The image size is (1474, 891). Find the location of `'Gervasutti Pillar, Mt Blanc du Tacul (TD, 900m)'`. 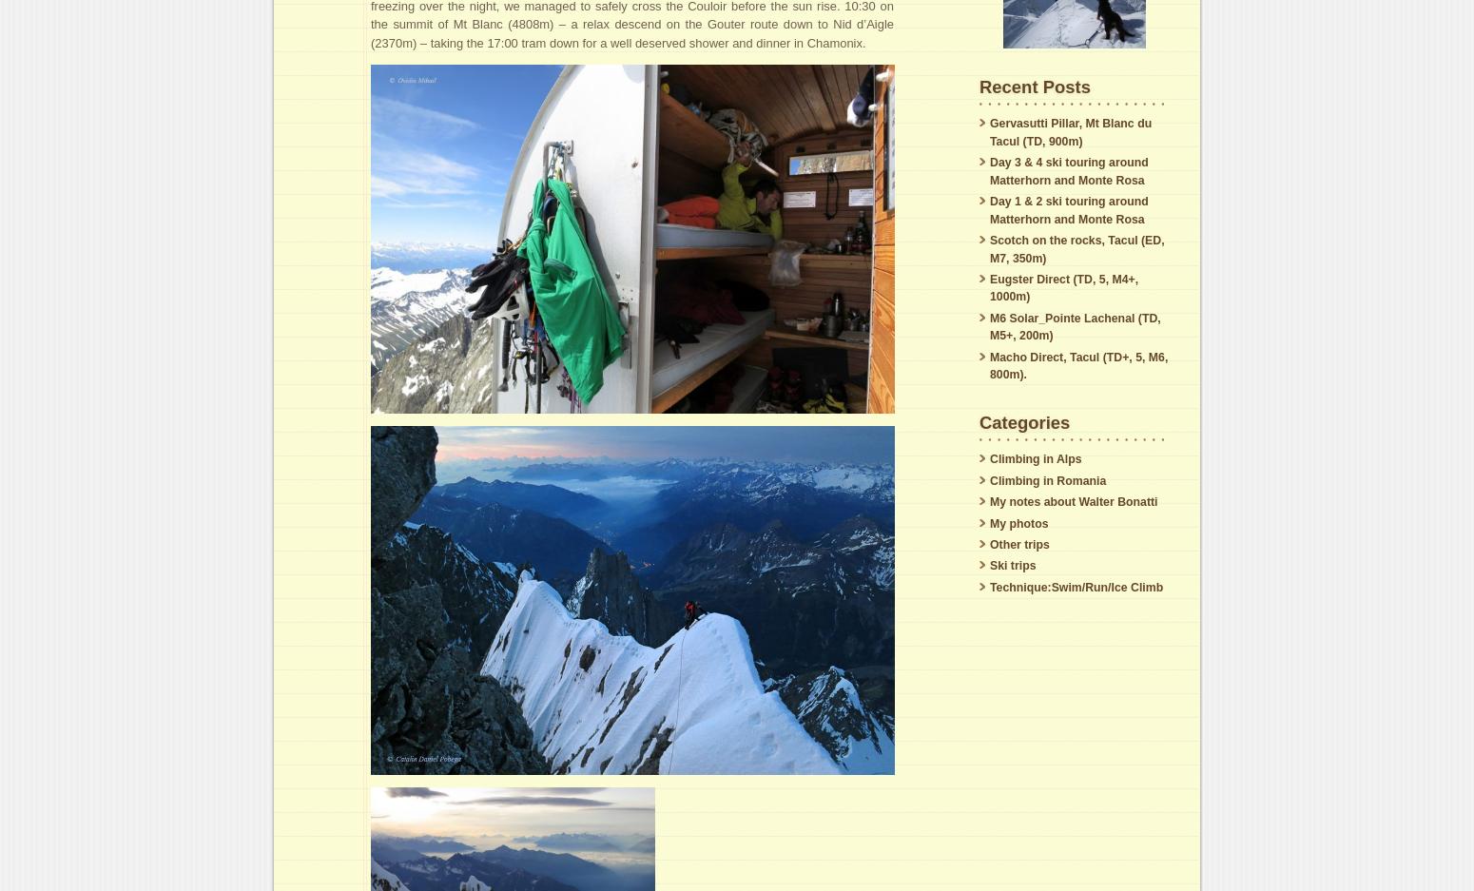

'Gervasutti Pillar, Mt Blanc du Tacul (TD, 900m)' is located at coordinates (1070, 131).